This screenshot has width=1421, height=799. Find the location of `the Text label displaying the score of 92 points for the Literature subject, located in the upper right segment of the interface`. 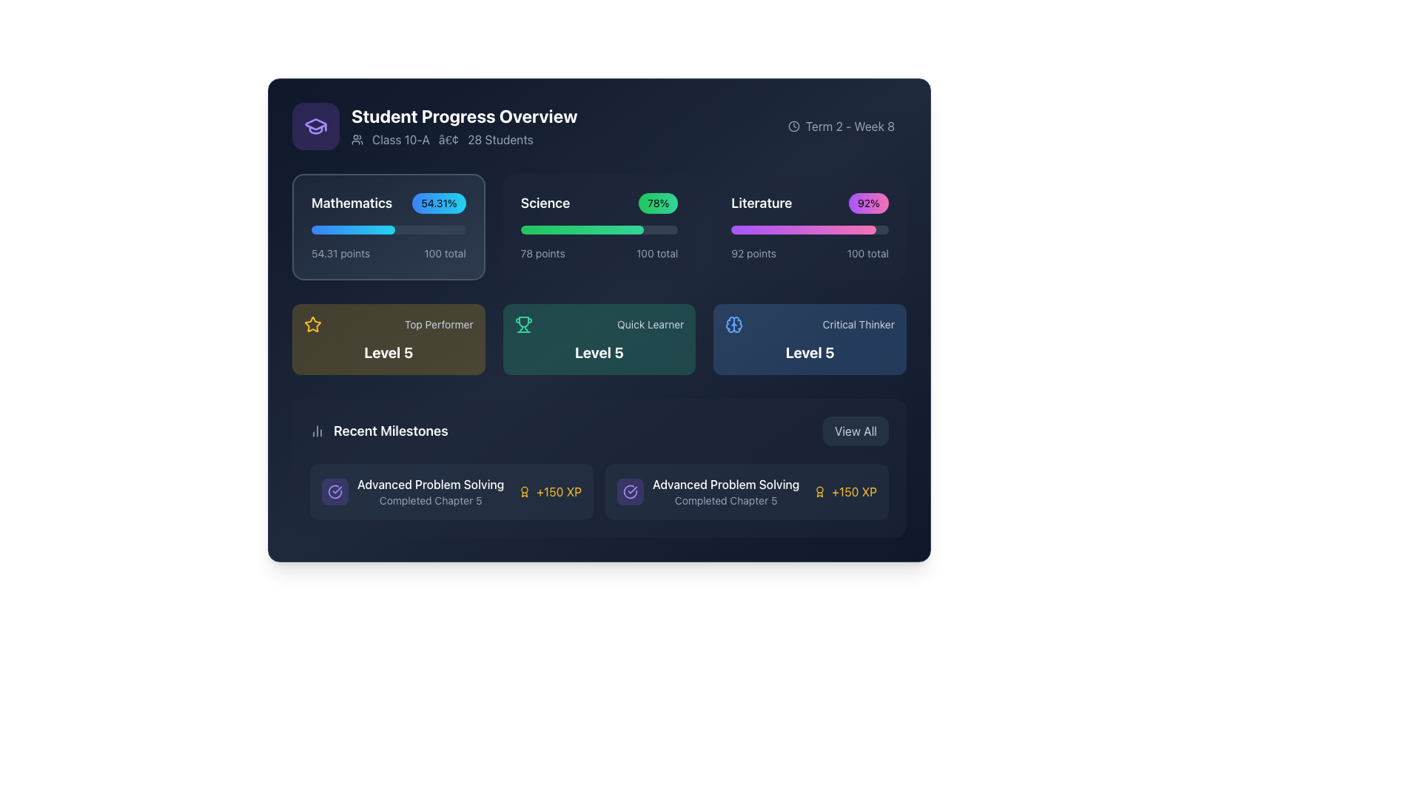

the Text label displaying the score of 92 points for the Literature subject, located in the upper right segment of the interface is located at coordinates (753, 253).